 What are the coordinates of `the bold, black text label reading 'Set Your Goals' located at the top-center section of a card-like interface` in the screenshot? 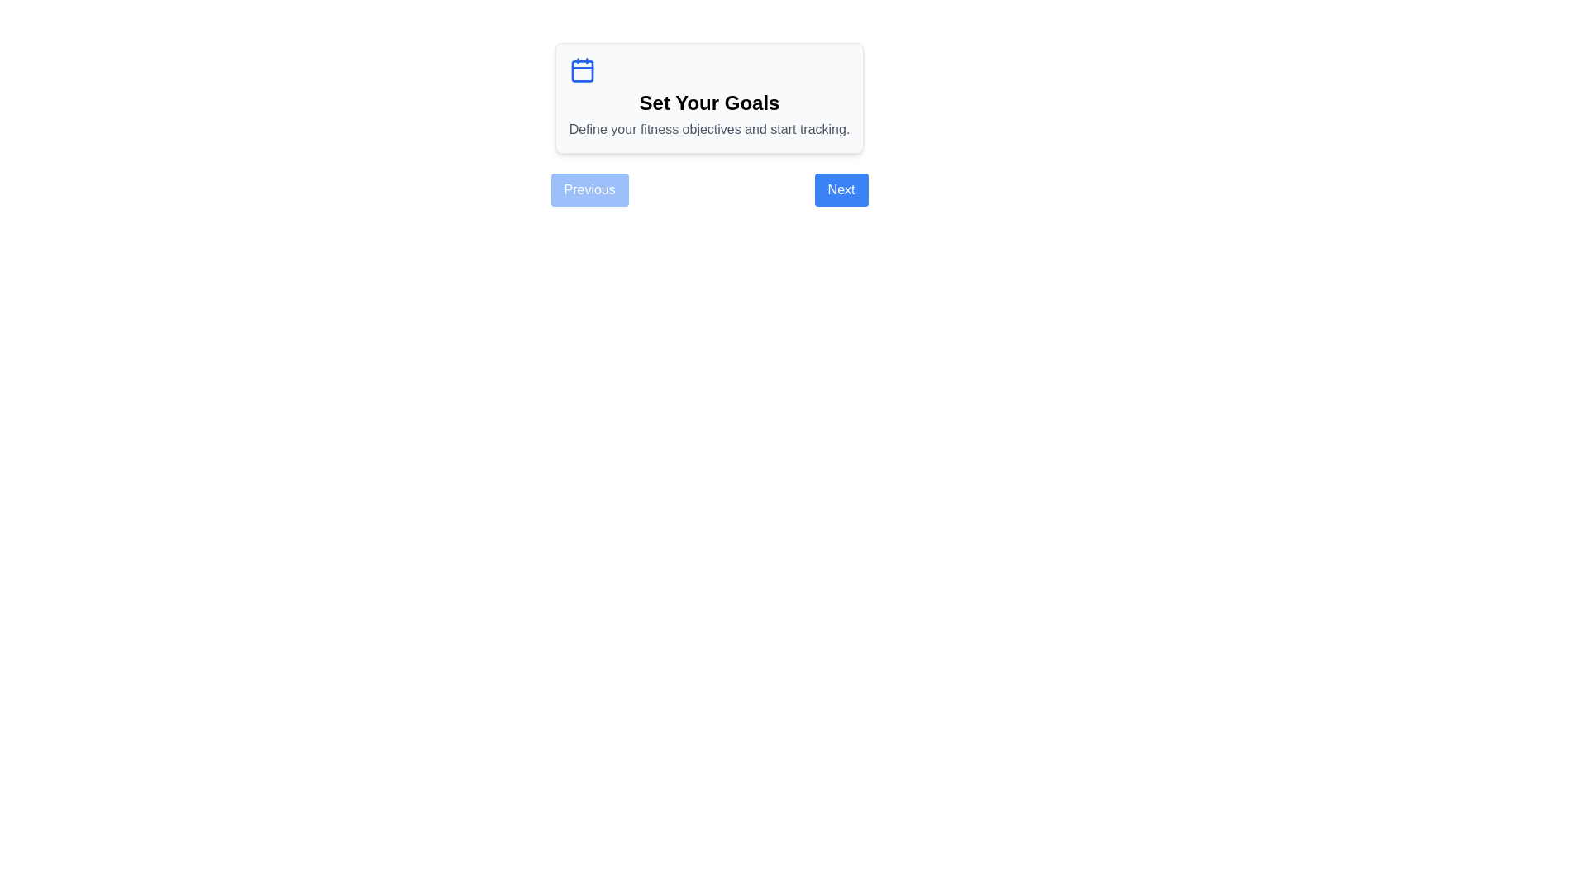 It's located at (709, 103).